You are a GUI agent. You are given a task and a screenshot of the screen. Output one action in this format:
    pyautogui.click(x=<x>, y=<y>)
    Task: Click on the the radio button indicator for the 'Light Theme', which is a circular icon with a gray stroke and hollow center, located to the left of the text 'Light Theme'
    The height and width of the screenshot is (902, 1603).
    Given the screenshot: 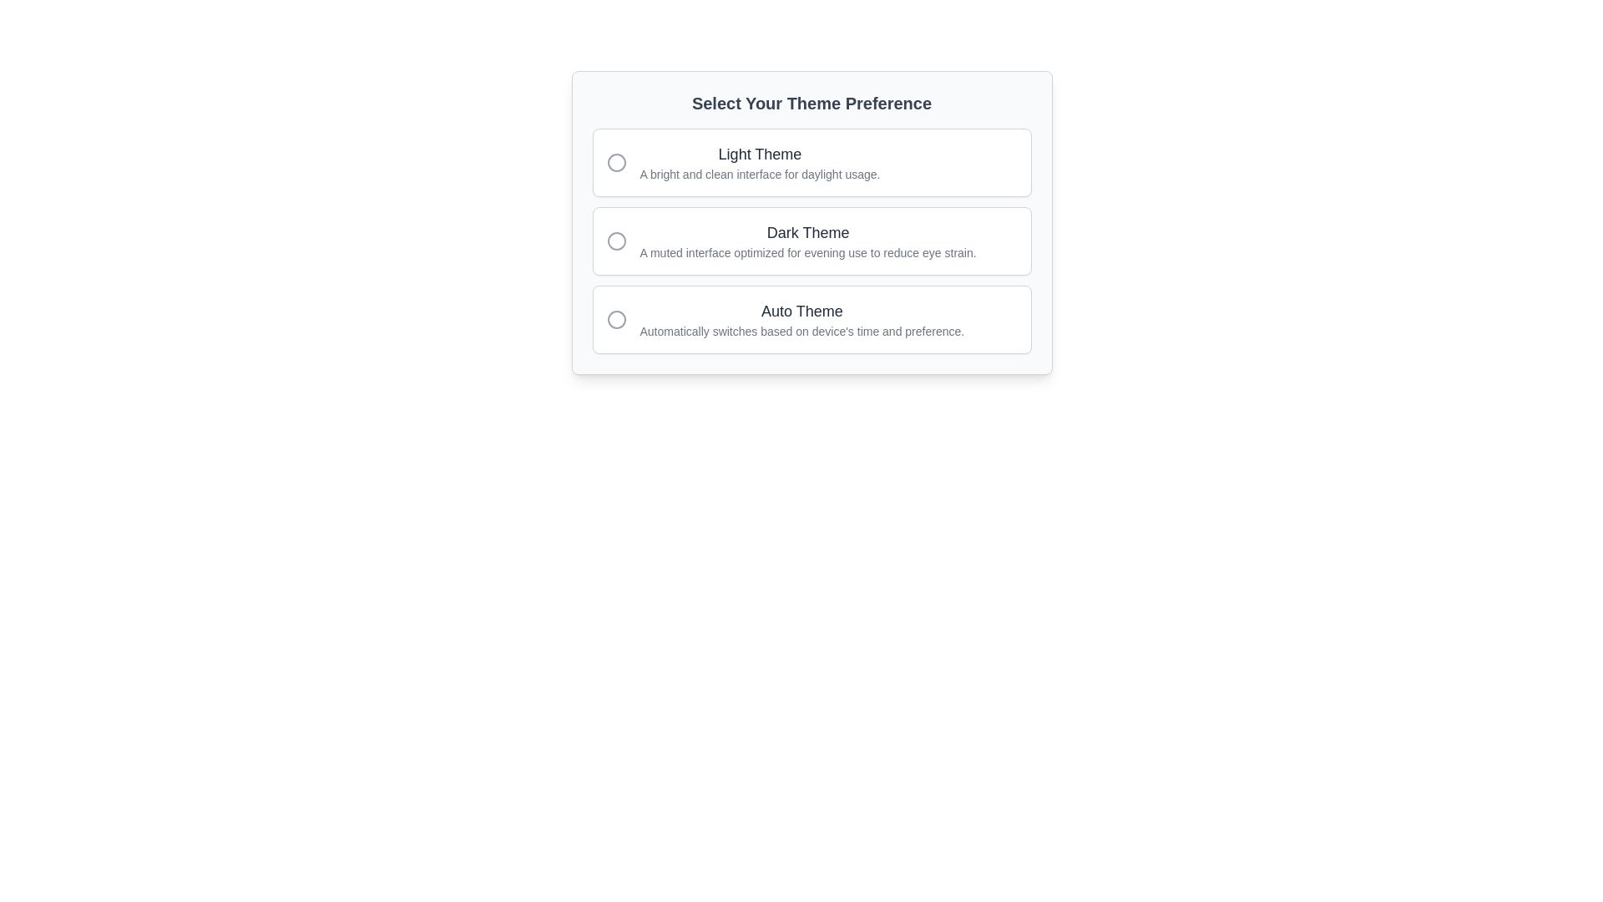 What is the action you would take?
    pyautogui.click(x=615, y=163)
    